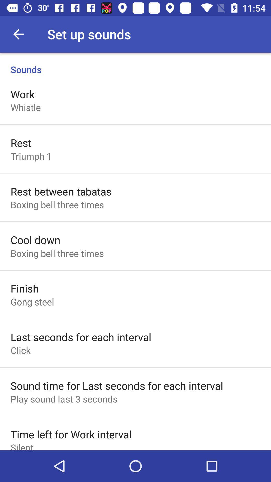 This screenshot has height=482, width=271. What do you see at coordinates (26, 107) in the screenshot?
I see `icon below work icon` at bounding box center [26, 107].